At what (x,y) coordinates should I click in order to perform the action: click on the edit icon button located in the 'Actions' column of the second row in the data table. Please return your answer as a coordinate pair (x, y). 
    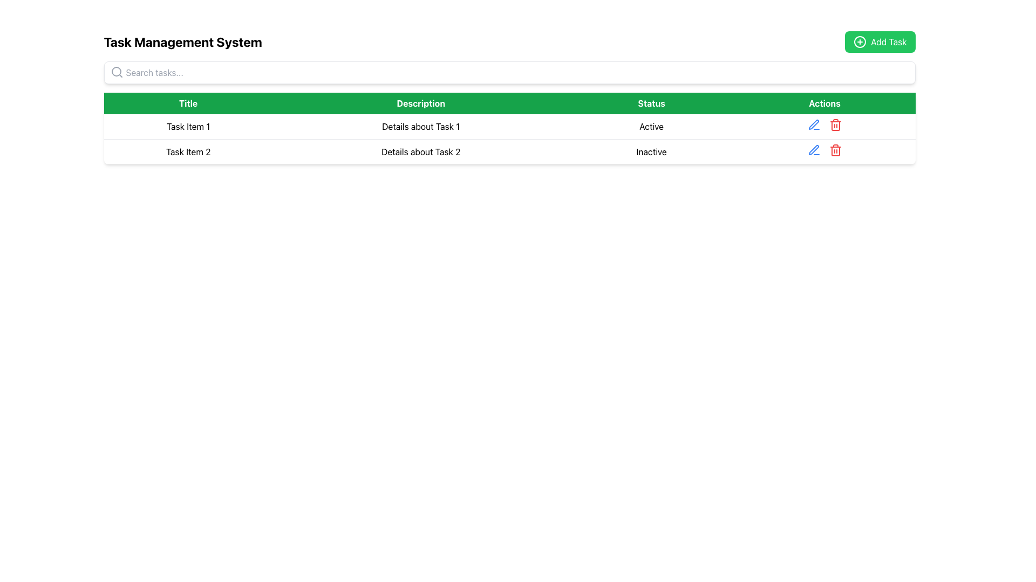
    Looking at the image, I should click on (814, 150).